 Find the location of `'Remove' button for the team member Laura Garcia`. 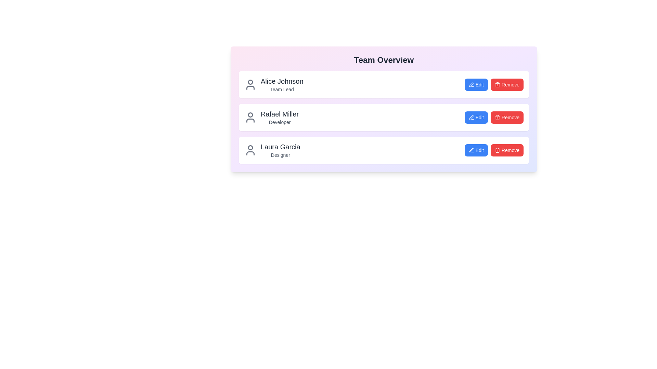

'Remove' button for the team member Laura Garcia is located at coordinates (507, 150).